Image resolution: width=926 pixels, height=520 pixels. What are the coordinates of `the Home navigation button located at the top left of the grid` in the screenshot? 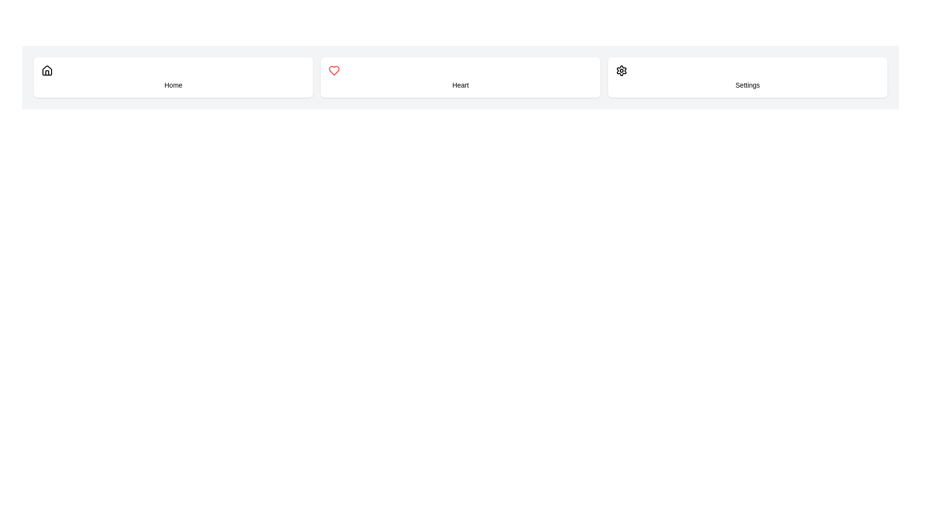 It's located at (173, 77).